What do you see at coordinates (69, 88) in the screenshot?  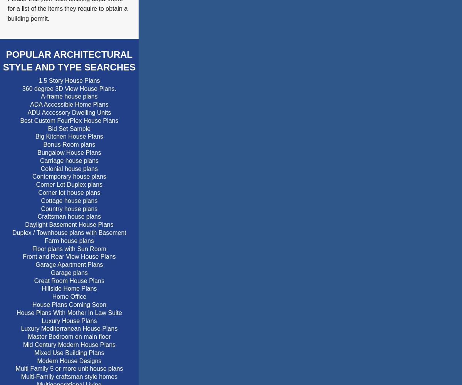 I see `'360 degree 3D View House Plans.'` at bounding box center [69, 88].